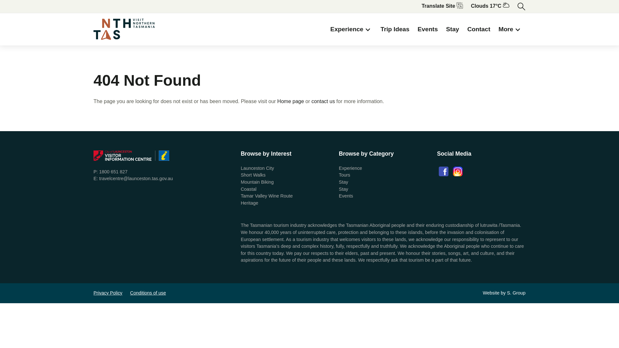 This screenshot has width=619, height=348. What do you see at coordinates (443, 171) in the screenshot?
I see `'Facebook'` at bounding box center [443, 171].